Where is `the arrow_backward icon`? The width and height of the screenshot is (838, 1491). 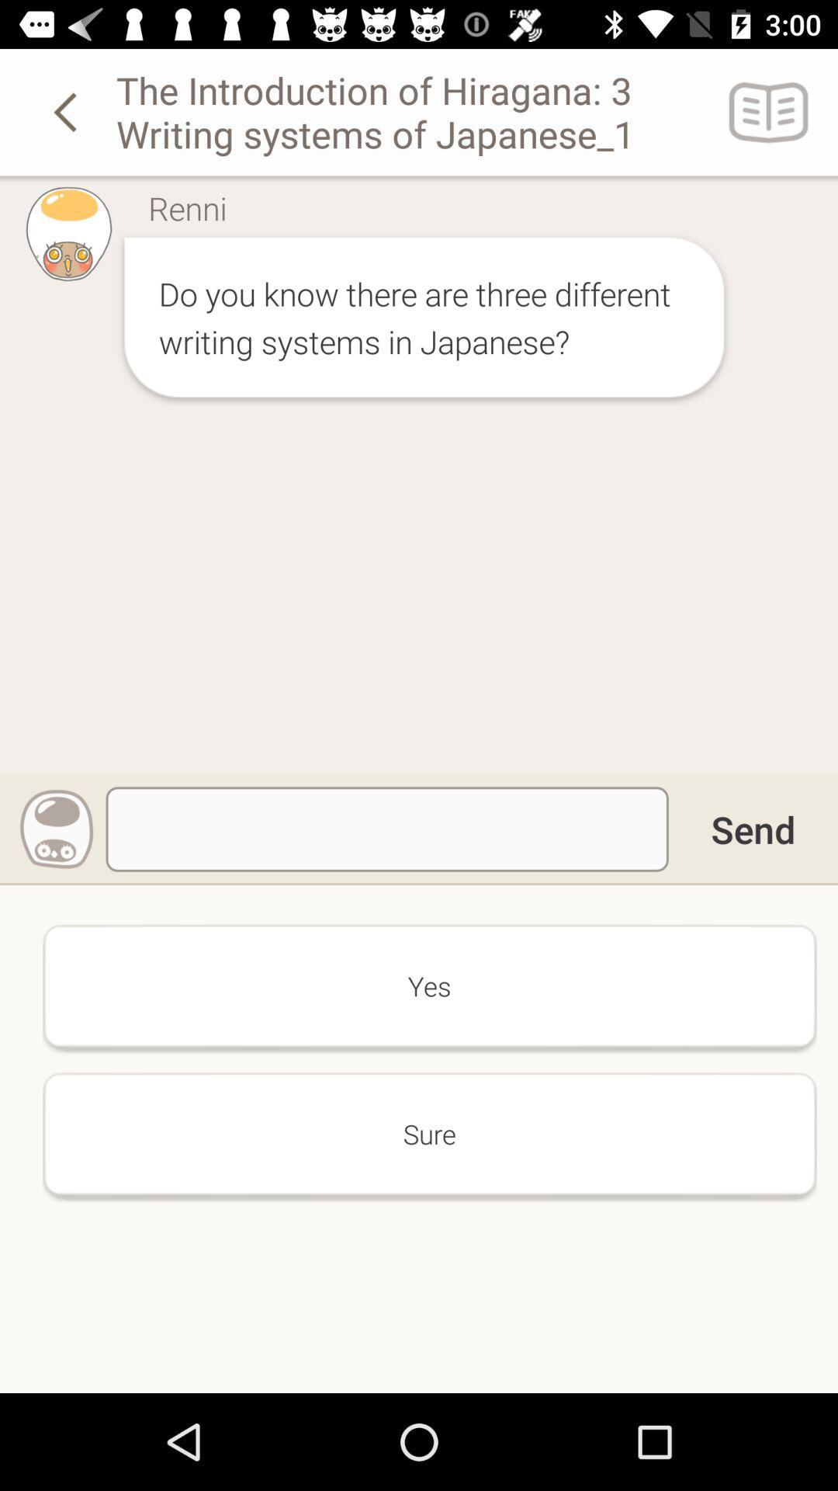 the arrow_backward icon is located at coordinates (68, 111).